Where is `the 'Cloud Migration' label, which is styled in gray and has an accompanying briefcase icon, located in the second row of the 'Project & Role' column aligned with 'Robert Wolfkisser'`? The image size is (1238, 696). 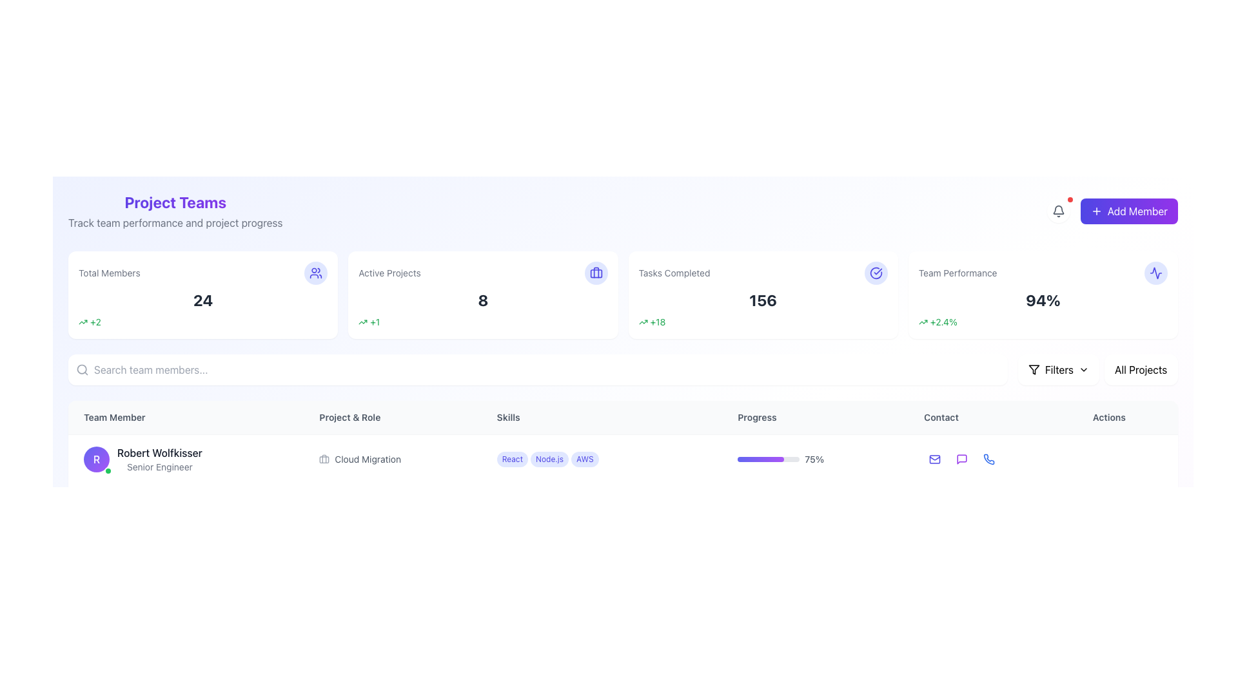
the 'Cloud Migration' label, which is styled in gray and has an accompanying briefcase icon, located in the second row of the 'Project & Role' column aligned with 'Robert Wolfkisser' is located at coordinates (392, 459).